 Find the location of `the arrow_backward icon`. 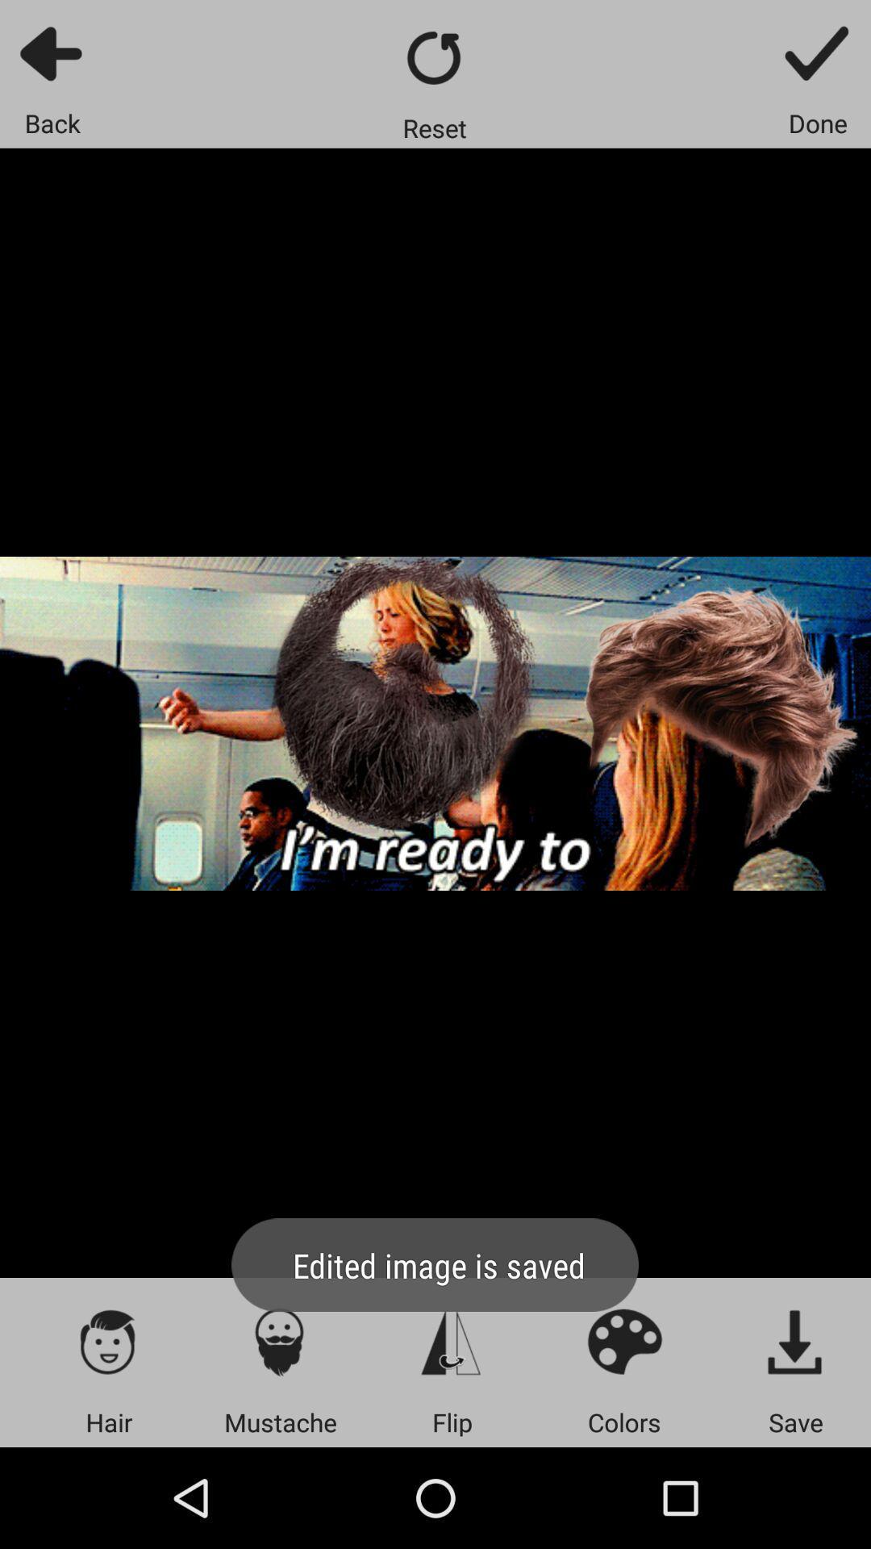

the arrow_backward icon is located at coordinates (52, 52).